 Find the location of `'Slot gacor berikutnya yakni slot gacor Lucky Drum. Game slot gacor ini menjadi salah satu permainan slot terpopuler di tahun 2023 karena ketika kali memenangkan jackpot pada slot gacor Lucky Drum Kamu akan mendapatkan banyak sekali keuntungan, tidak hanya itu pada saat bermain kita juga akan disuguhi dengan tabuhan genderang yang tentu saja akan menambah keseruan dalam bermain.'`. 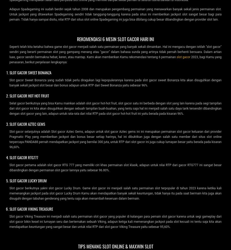

'Slot gacor berikutnya yakni slot gacor Lucky Drum. Game slot gacor ini menjadi salah satu permainan slot terpopuler di tahun 2023 karena ketika kali memenangkan jackpot pada slot gacor Lucky Drum Kamu akan mendapatkan banyak sekali keuntungan, tidak hanya itu pada saat bermain kita juga akan disuguhi dengan tabuhan genderang yang tentu saja akan menambah keseruan dalam bermain.' is located at coordinates (115, 193).